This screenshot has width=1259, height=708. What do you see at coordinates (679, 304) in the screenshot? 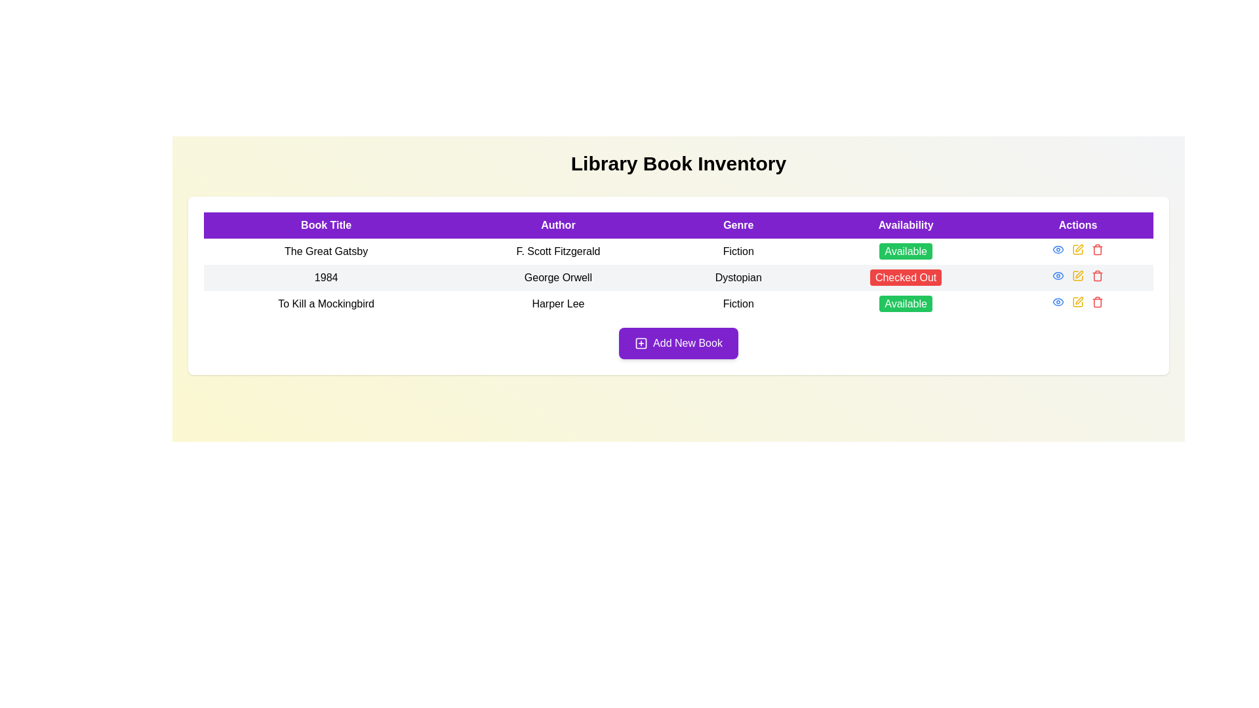
I see `the third row in the 'Library Book Inventory' table that displays details about 'To Kill a Mockingbird'` at bounding box center [679, 304].